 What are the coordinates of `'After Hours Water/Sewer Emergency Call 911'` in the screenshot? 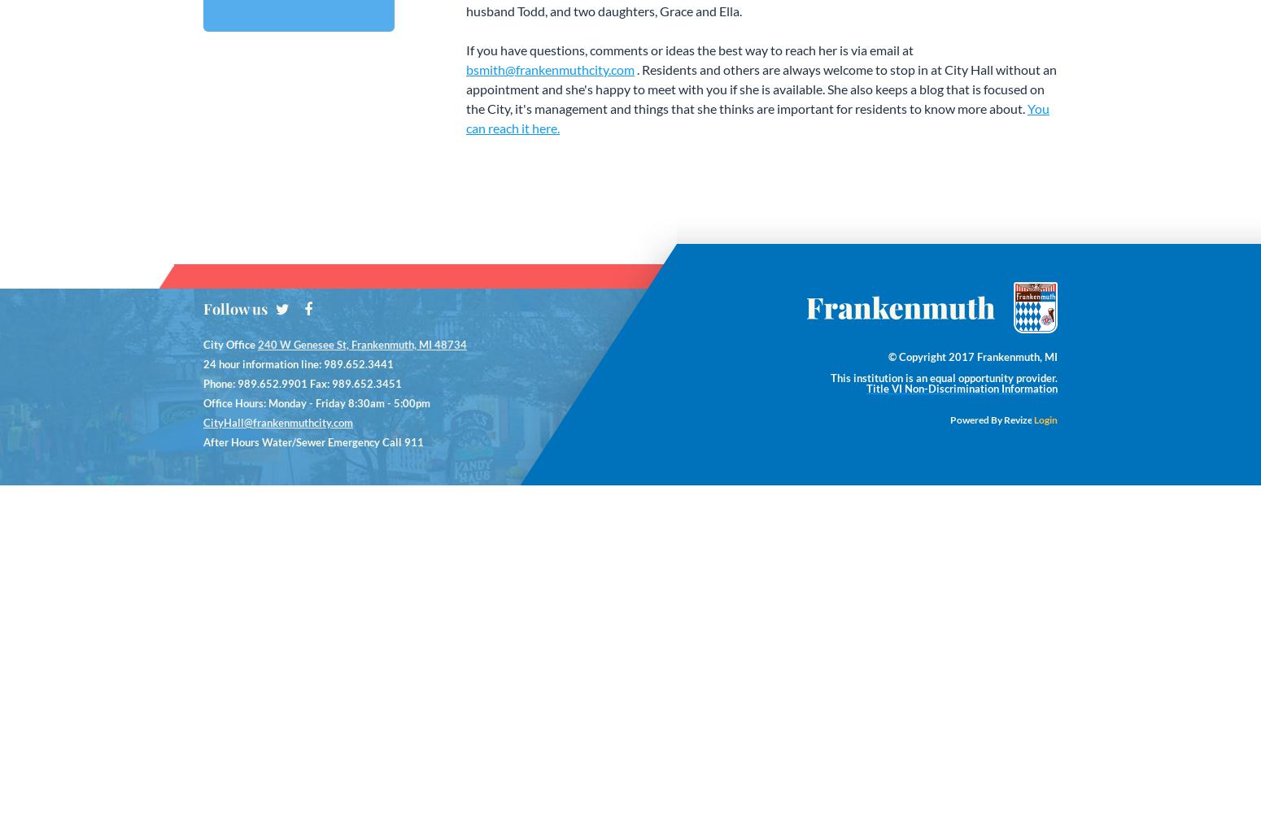 It's located at (312, 442).